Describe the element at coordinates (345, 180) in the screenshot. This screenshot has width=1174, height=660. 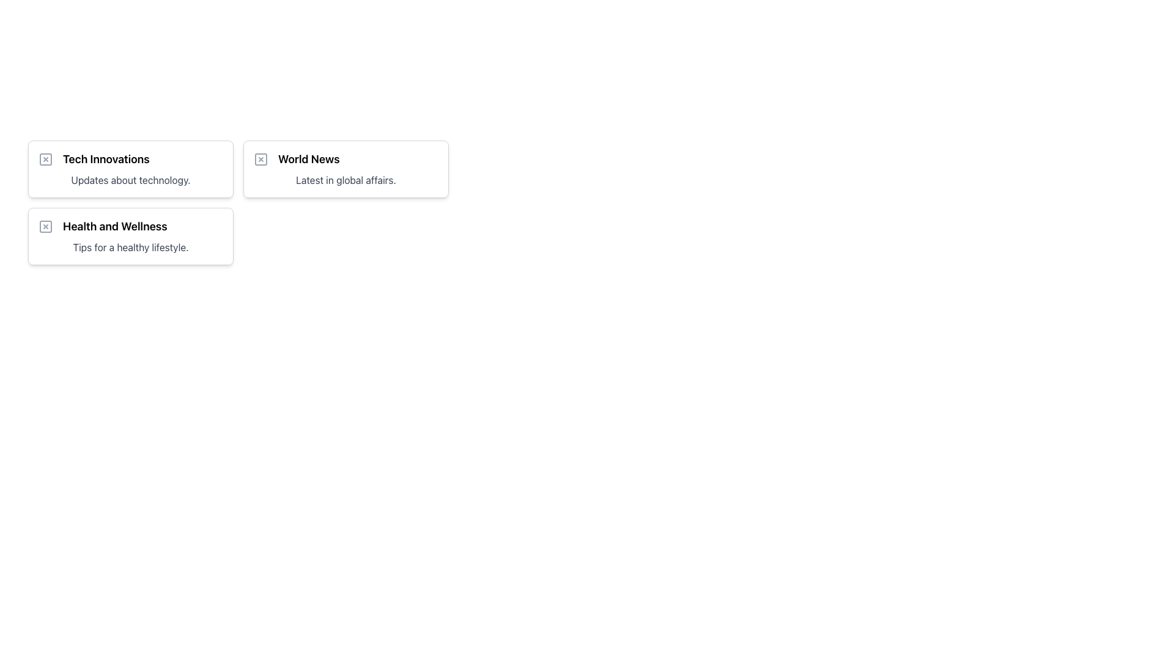
I see `the muted gray text label that reads 'Latest in global affairs.' located under the title 'World News.'` at that location.